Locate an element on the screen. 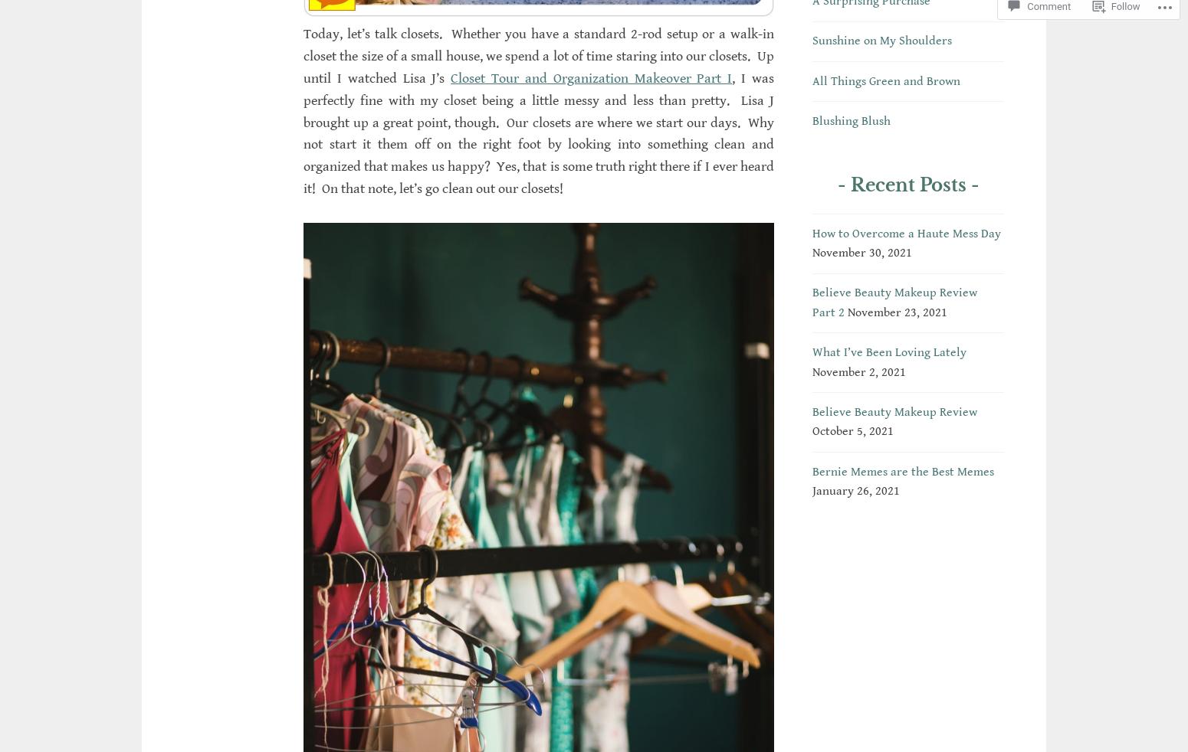  'October 5, 2021' is located at coordinates (852, 430).